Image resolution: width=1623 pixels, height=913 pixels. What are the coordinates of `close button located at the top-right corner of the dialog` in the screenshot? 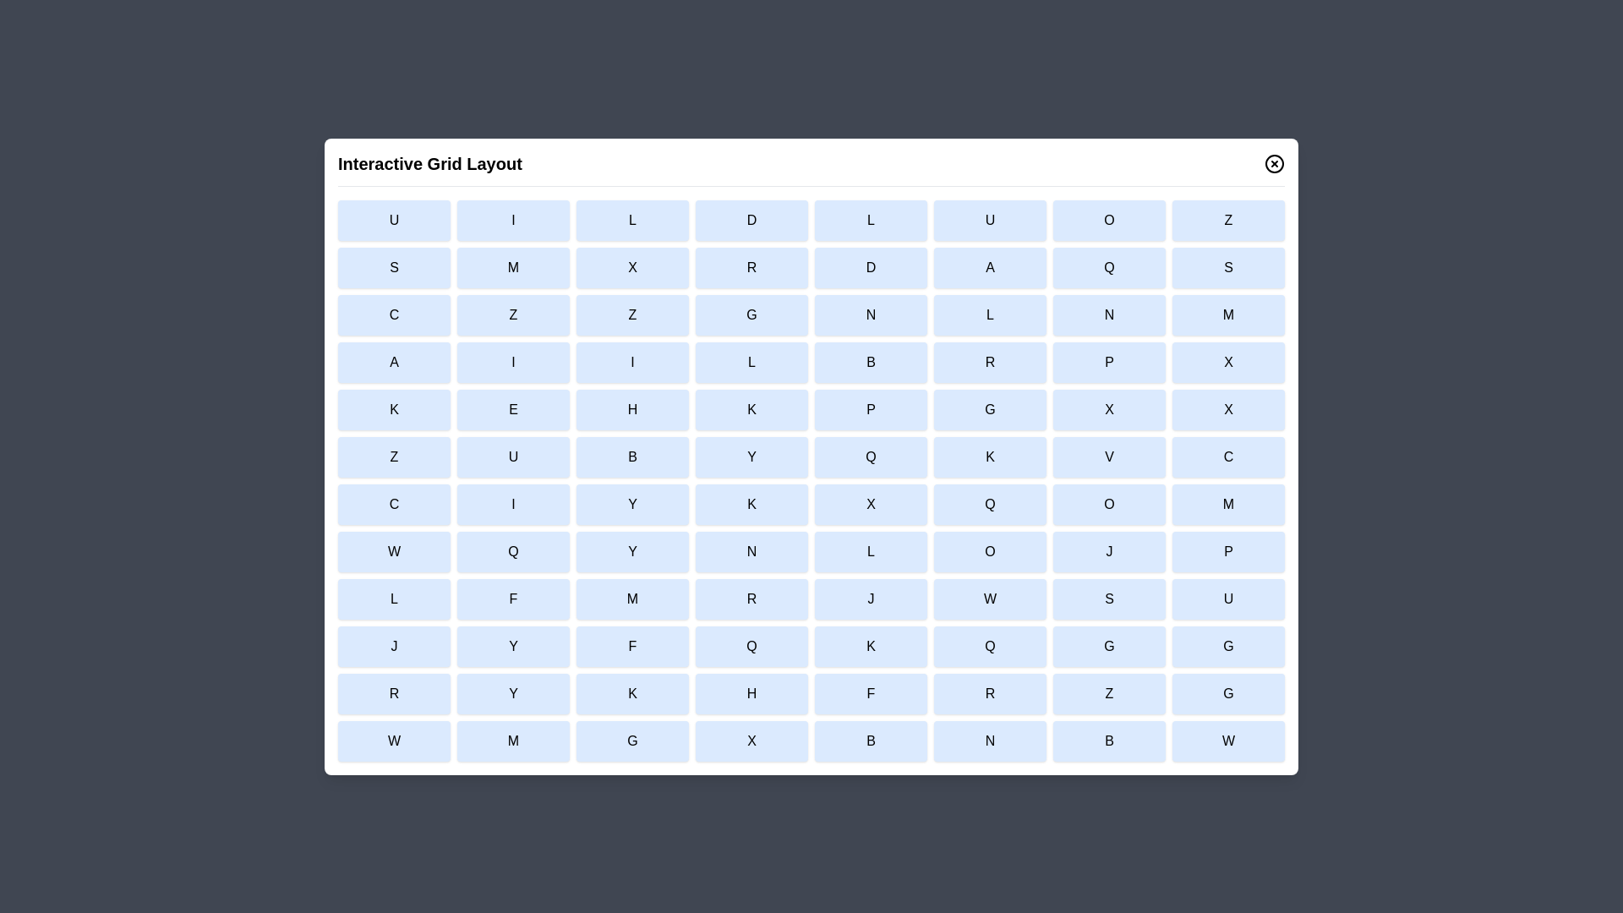 It's located at (1274, 163).